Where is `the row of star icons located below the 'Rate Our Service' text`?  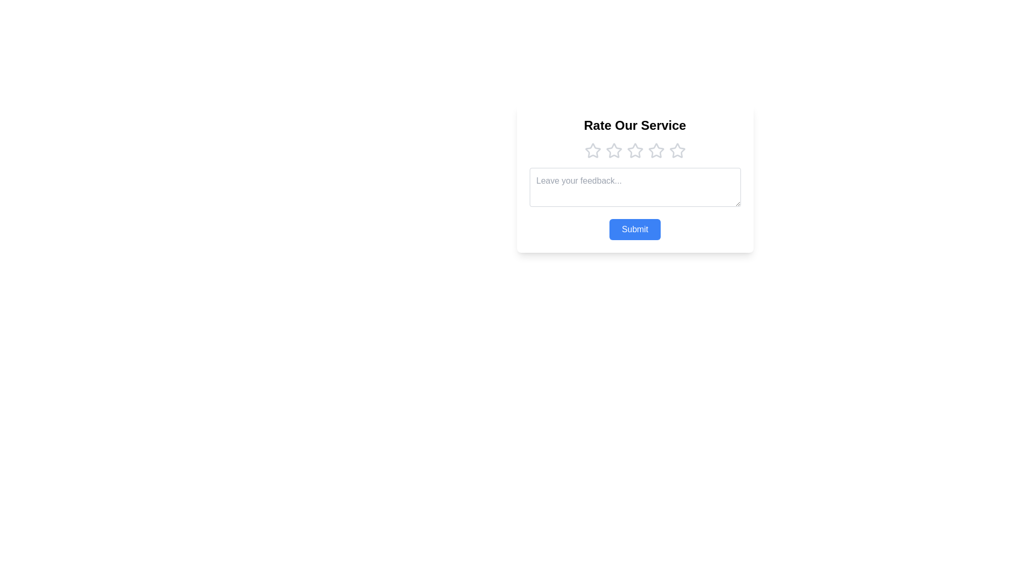 the row of star icons located below the 'Rate Our Service' text is located at coordinates (634, 150).